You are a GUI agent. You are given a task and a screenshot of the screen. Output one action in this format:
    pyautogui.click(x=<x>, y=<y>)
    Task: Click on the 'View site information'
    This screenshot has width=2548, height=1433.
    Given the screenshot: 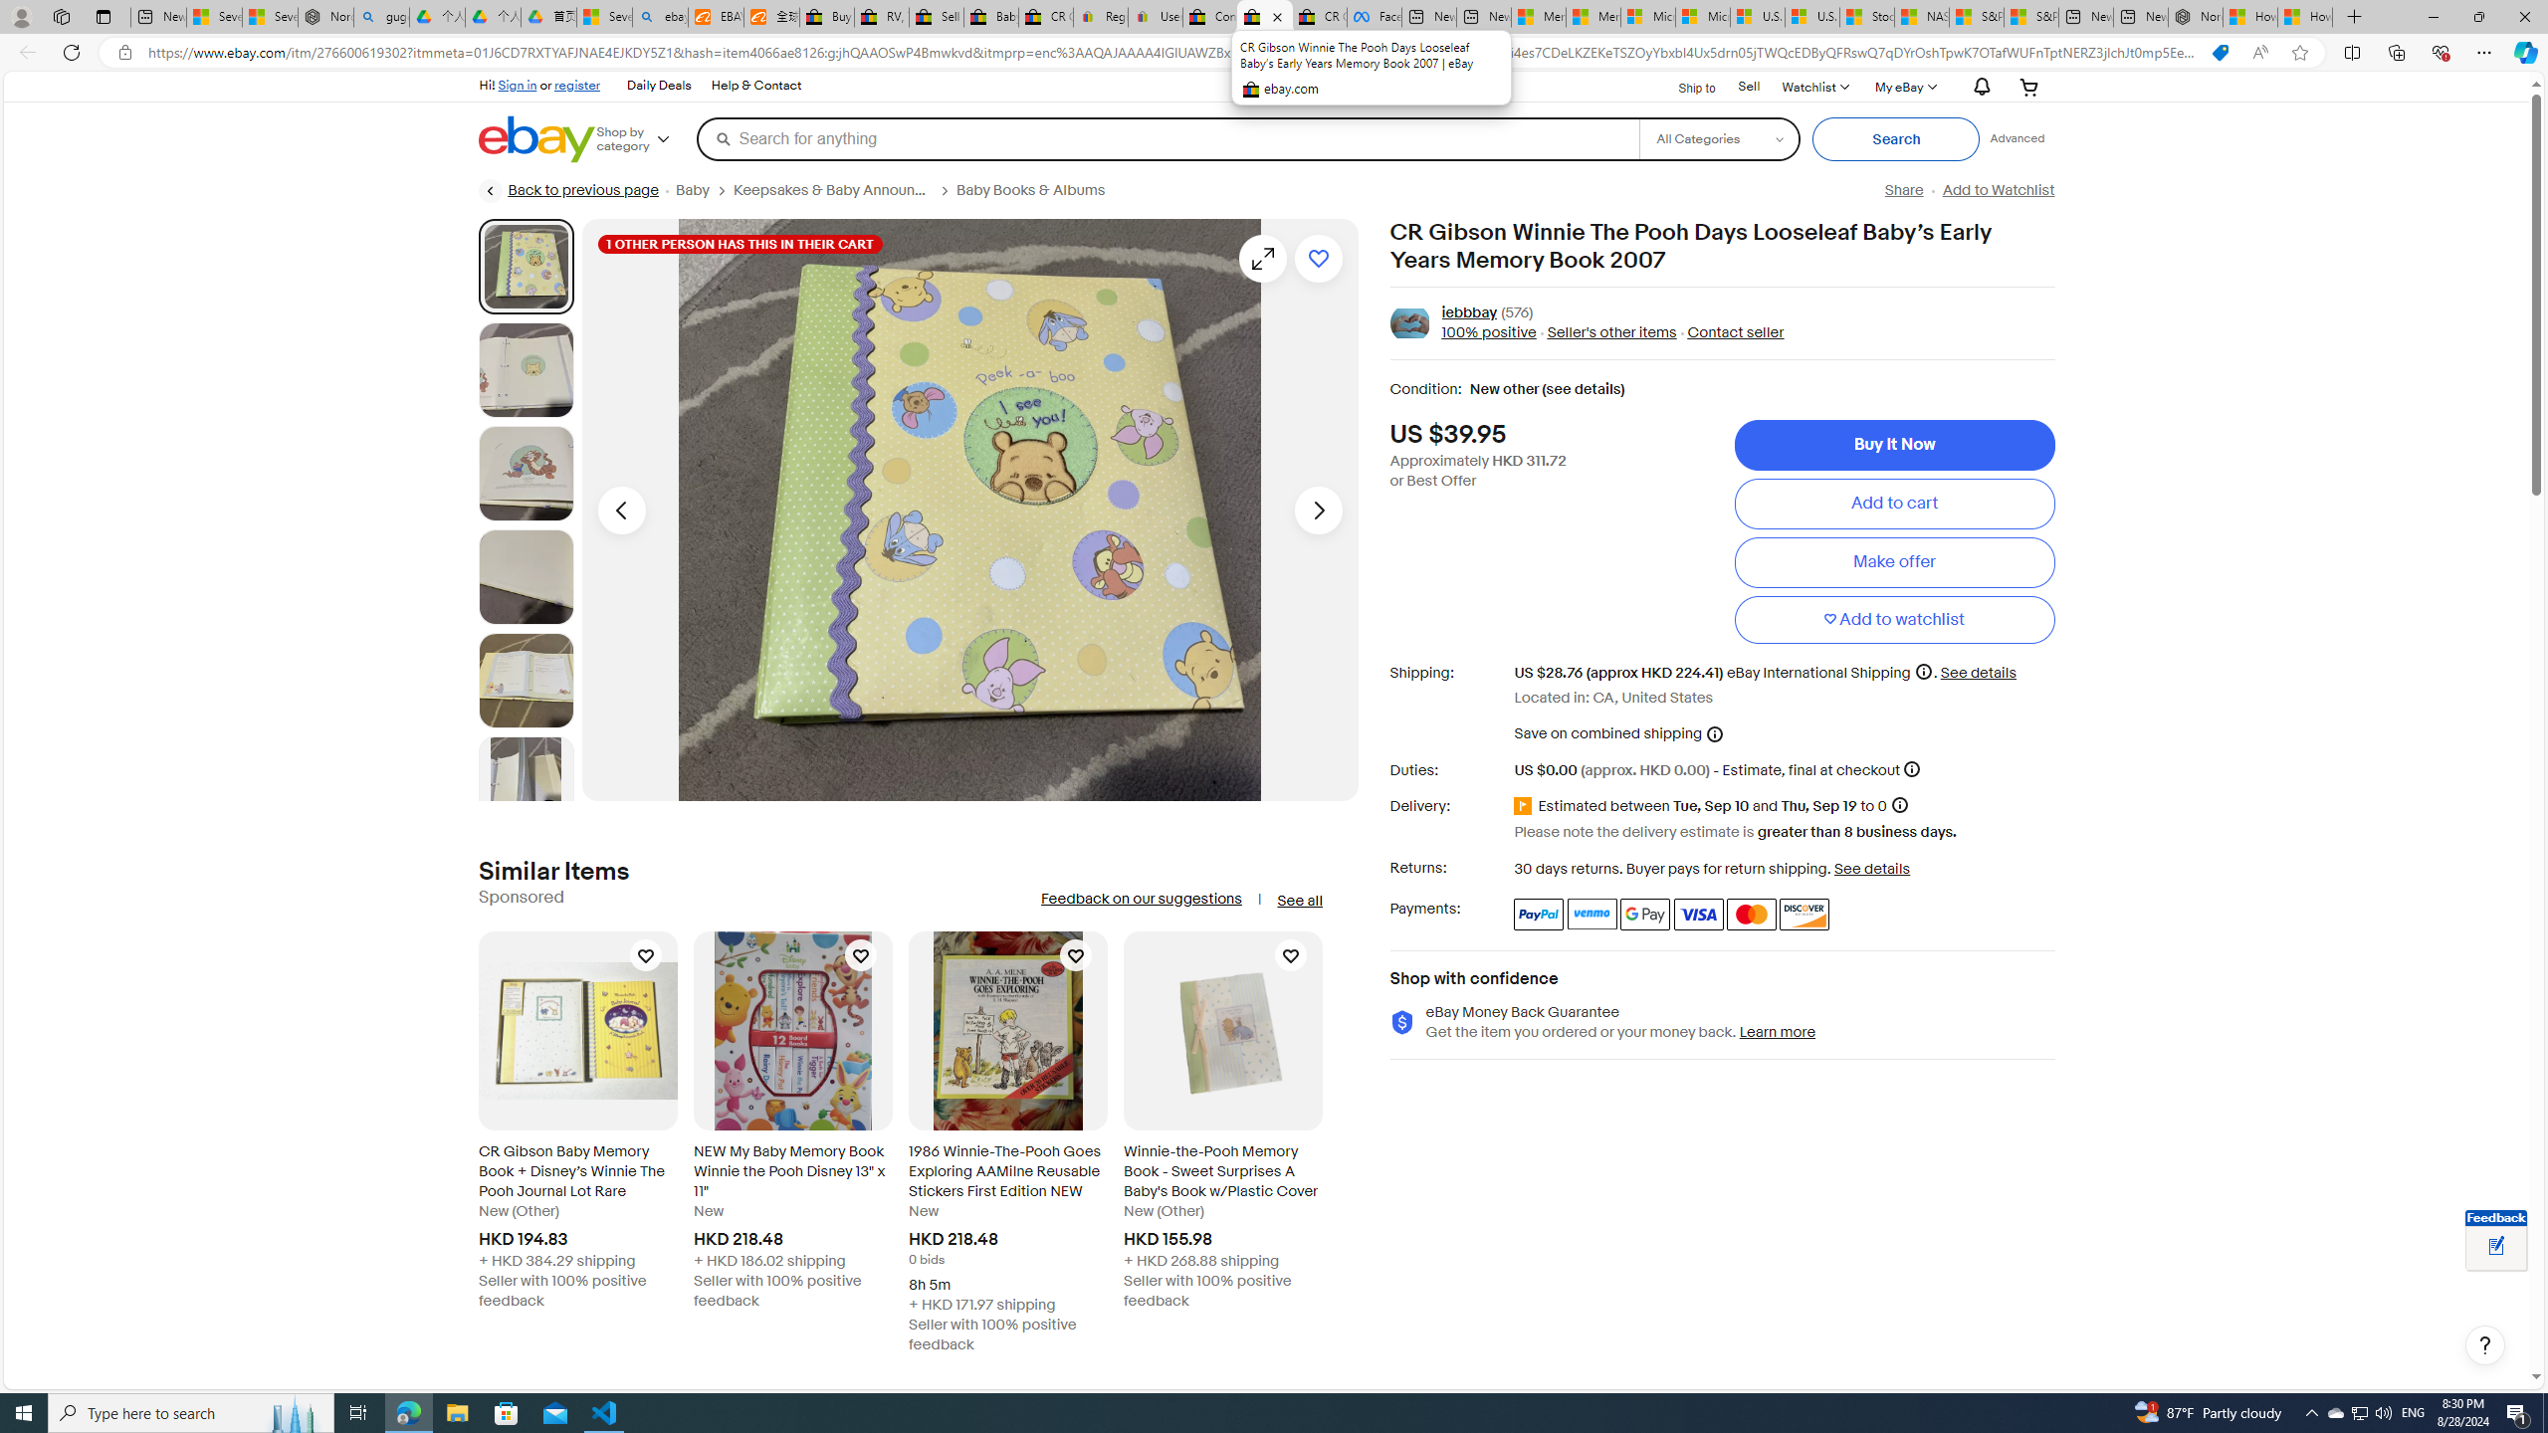 What is the action you would take?
    pyautogui.click(x=124, y=53)
    